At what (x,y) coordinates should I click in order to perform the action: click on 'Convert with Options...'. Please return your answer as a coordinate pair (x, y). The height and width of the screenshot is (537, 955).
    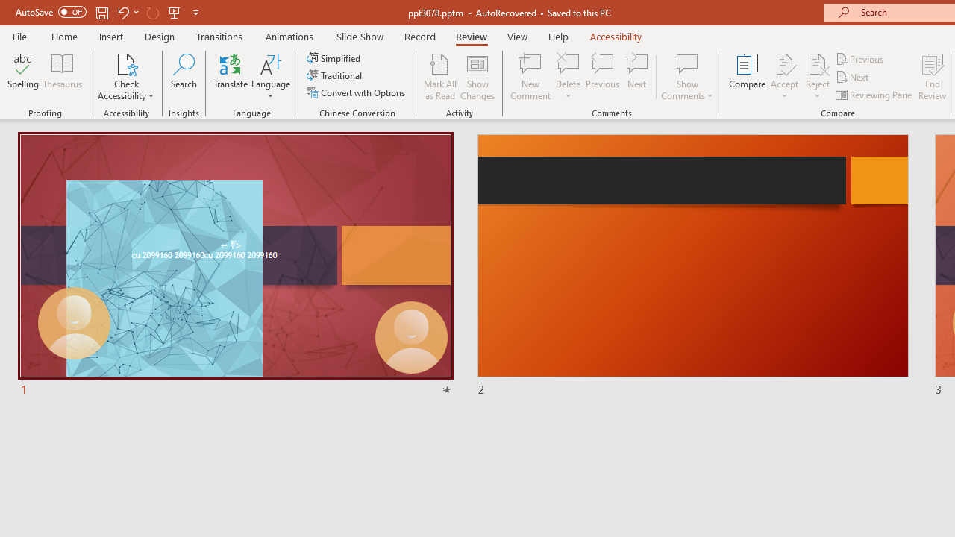
    Looking at the image, I should click on (357, 92).